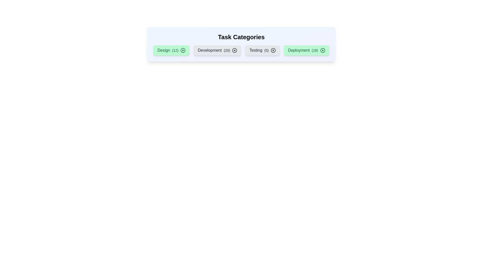 Image resolution: width=488 pixels, height=275 pixels. What do you see at coordinates (171, 50) in the screenshot?
I see `the chip labeled Design` at bounding box center [171, 50].